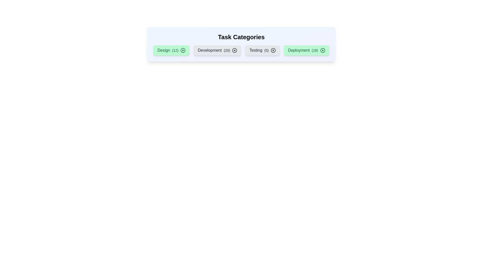 Image resolution: width=488 pixels, height=275 pixels. What do you see at coordinates (171, 50) in the screenshot?
I see `the chip labeled Design` at bounding box center [171, 50].